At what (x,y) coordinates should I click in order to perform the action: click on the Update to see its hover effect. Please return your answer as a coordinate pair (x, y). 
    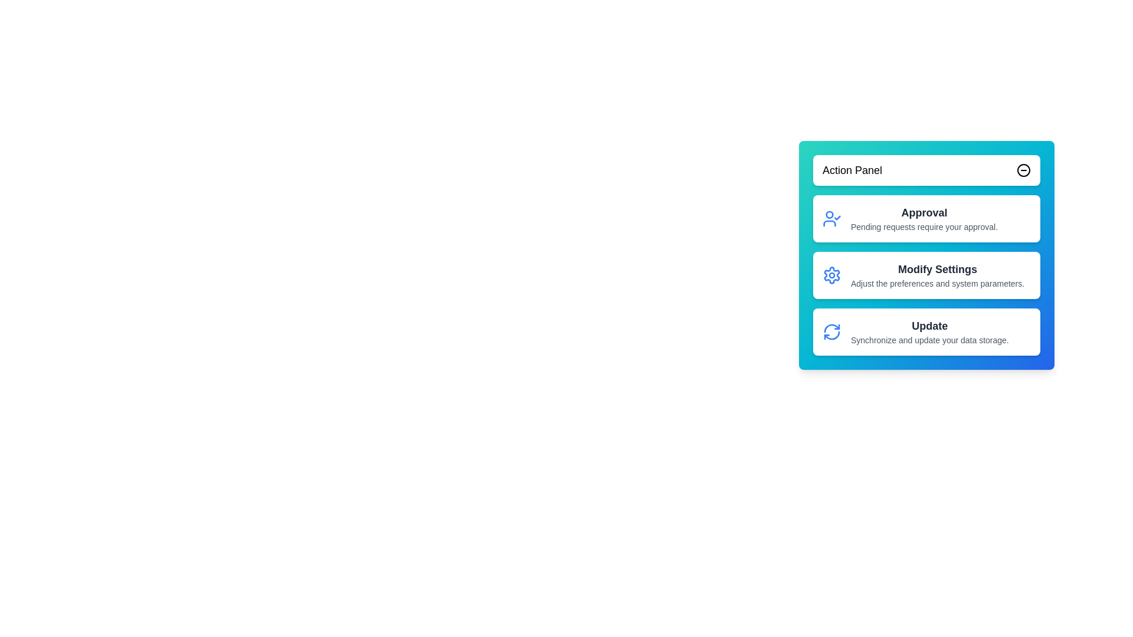
    Looking at the image, I should click on (926, 332).